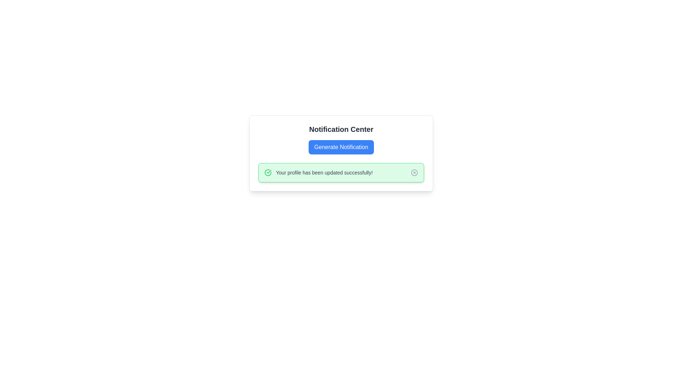  What do you see at coordinates (414, 173) in the screenshot?
I see `the 'Close' button located at the far right end of the notification bar, which dismisses the notification about the profile update` at bounding box center [414, 173].